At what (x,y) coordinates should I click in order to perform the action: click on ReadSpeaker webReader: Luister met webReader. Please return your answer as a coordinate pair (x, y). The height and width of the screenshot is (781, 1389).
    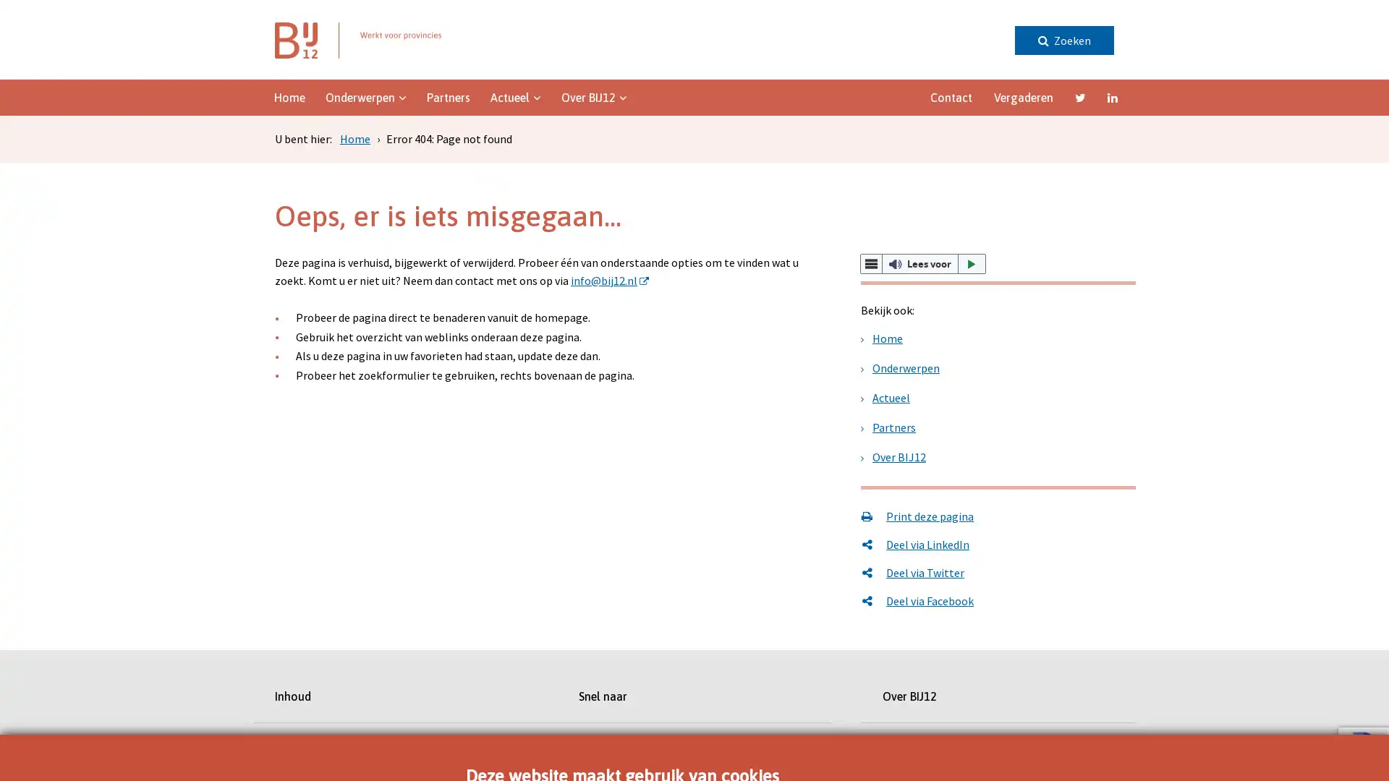
    Looking at the image, I should click on (922, 264).